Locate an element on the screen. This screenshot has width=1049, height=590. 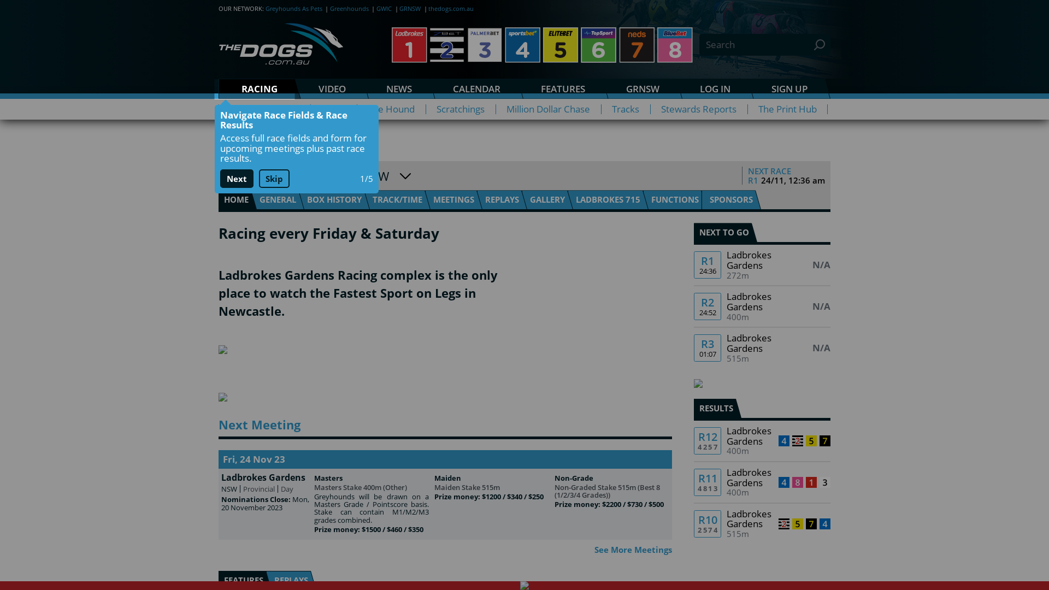
'Stewards Reports' is located at coordinates (698, 109).